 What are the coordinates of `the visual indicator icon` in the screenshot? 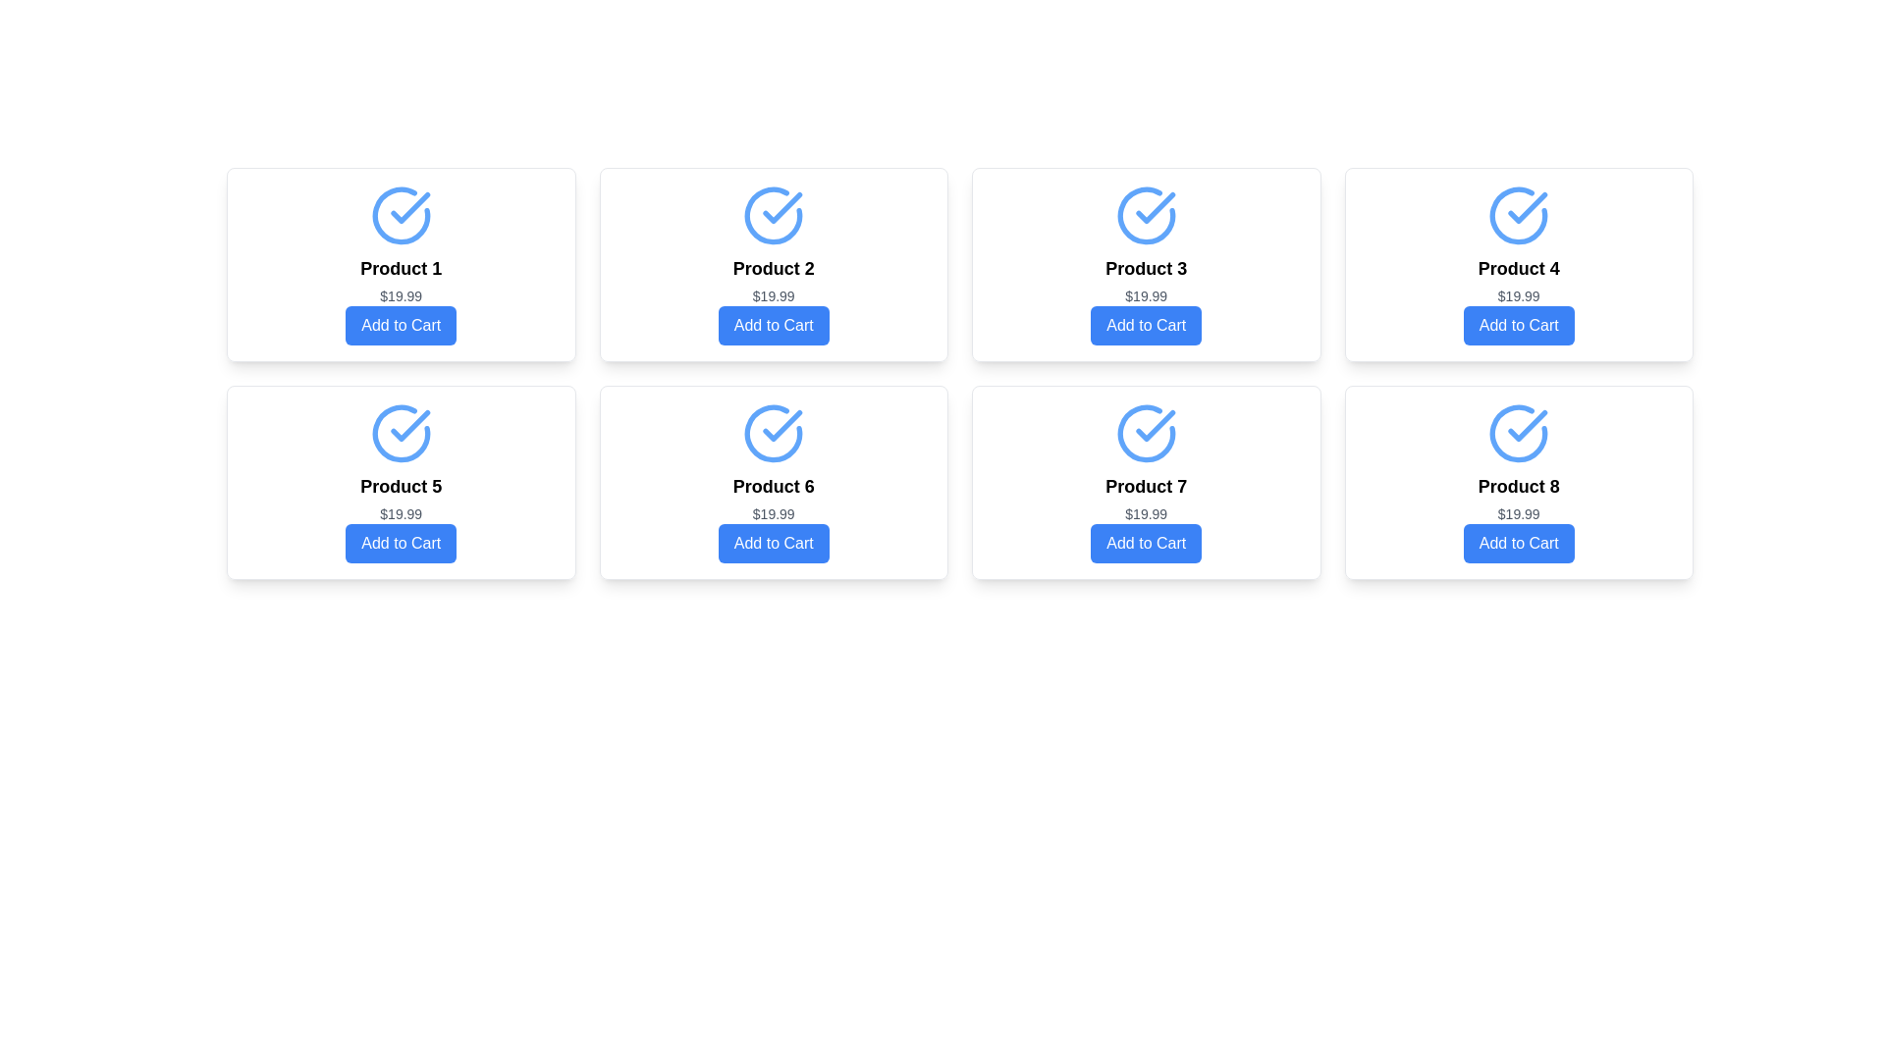 It's located at (1146, 215).